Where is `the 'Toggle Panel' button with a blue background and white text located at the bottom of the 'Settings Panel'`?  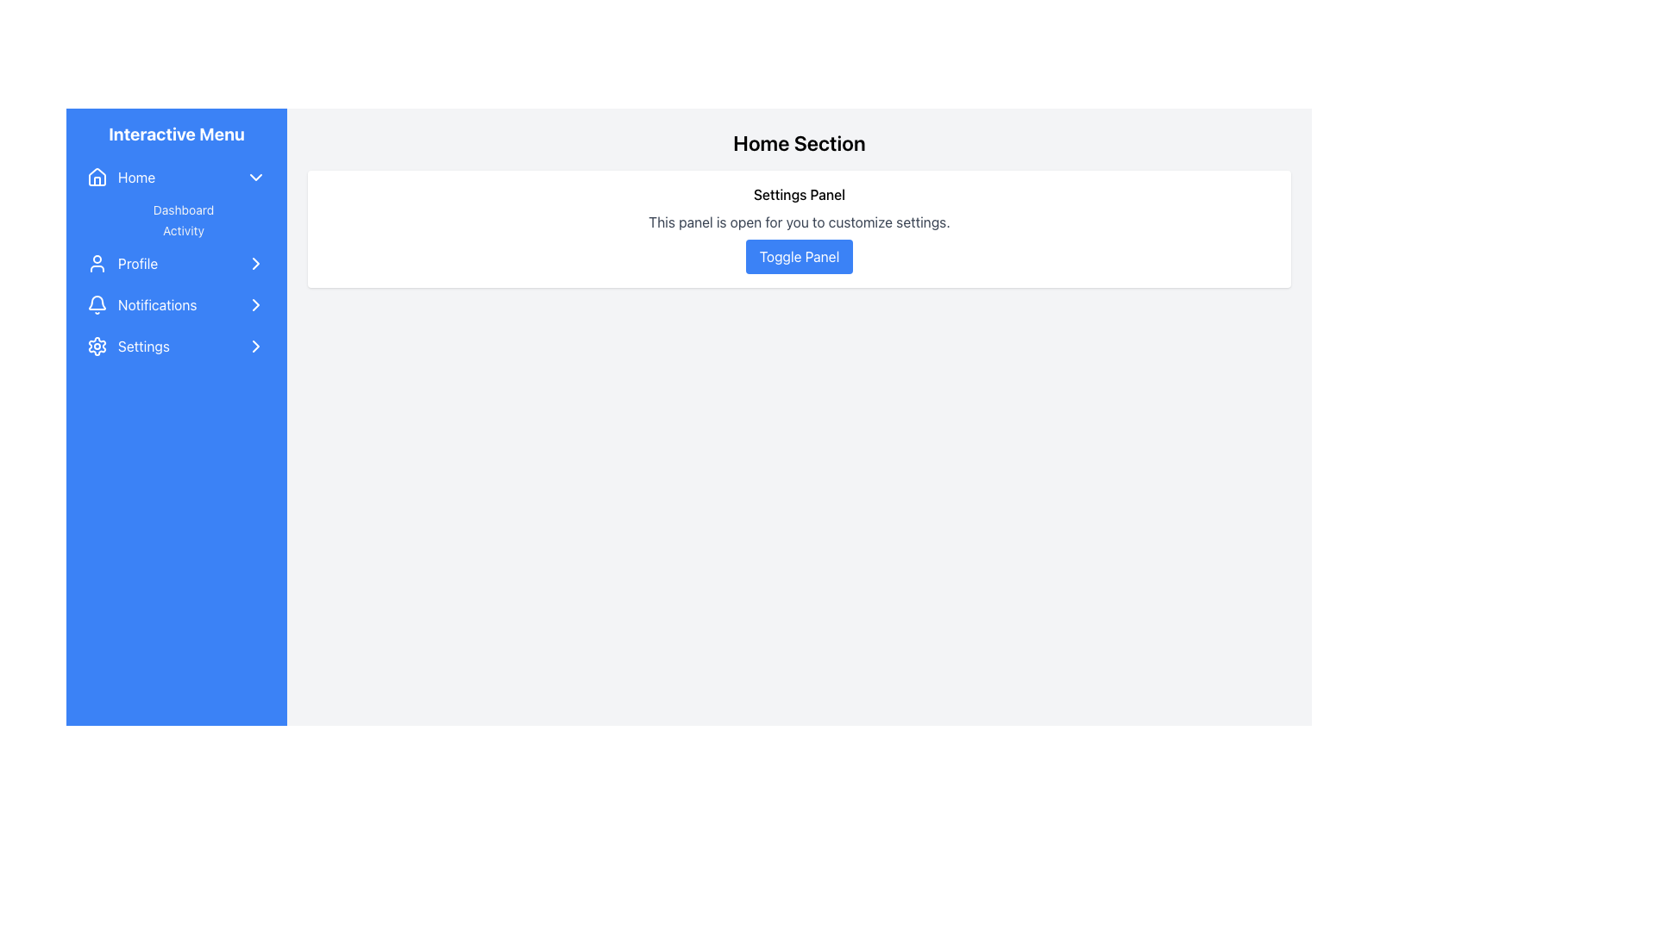 the 'Toggle Panel' button with a blue background and white text located at the bottom of the 'Settings Panel' is located at coordinates (798, 256).